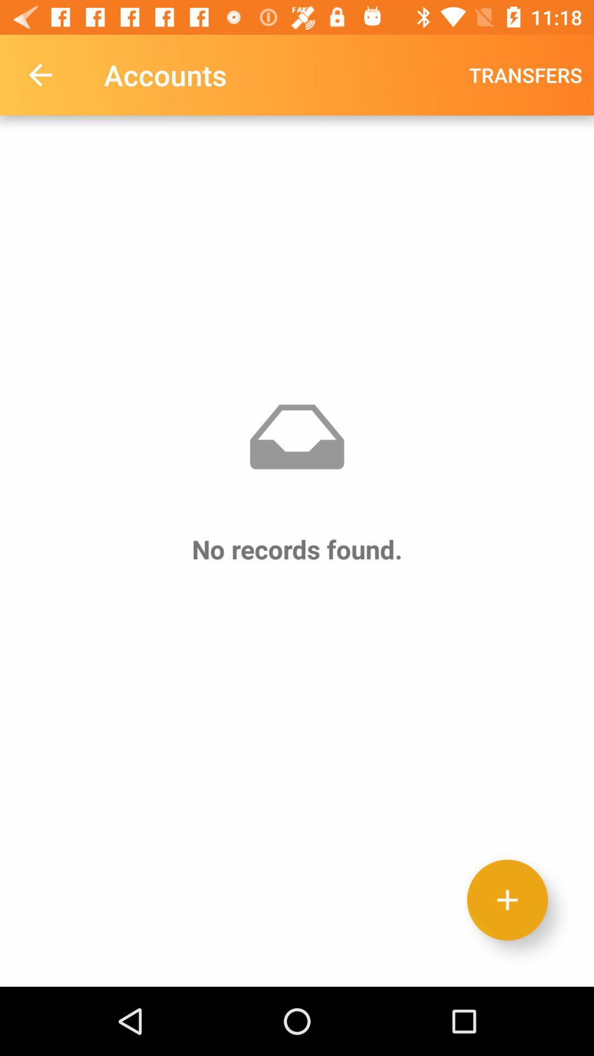 This screenshot has height=1056, width=594. I want to click on new record, so click(507, 900).